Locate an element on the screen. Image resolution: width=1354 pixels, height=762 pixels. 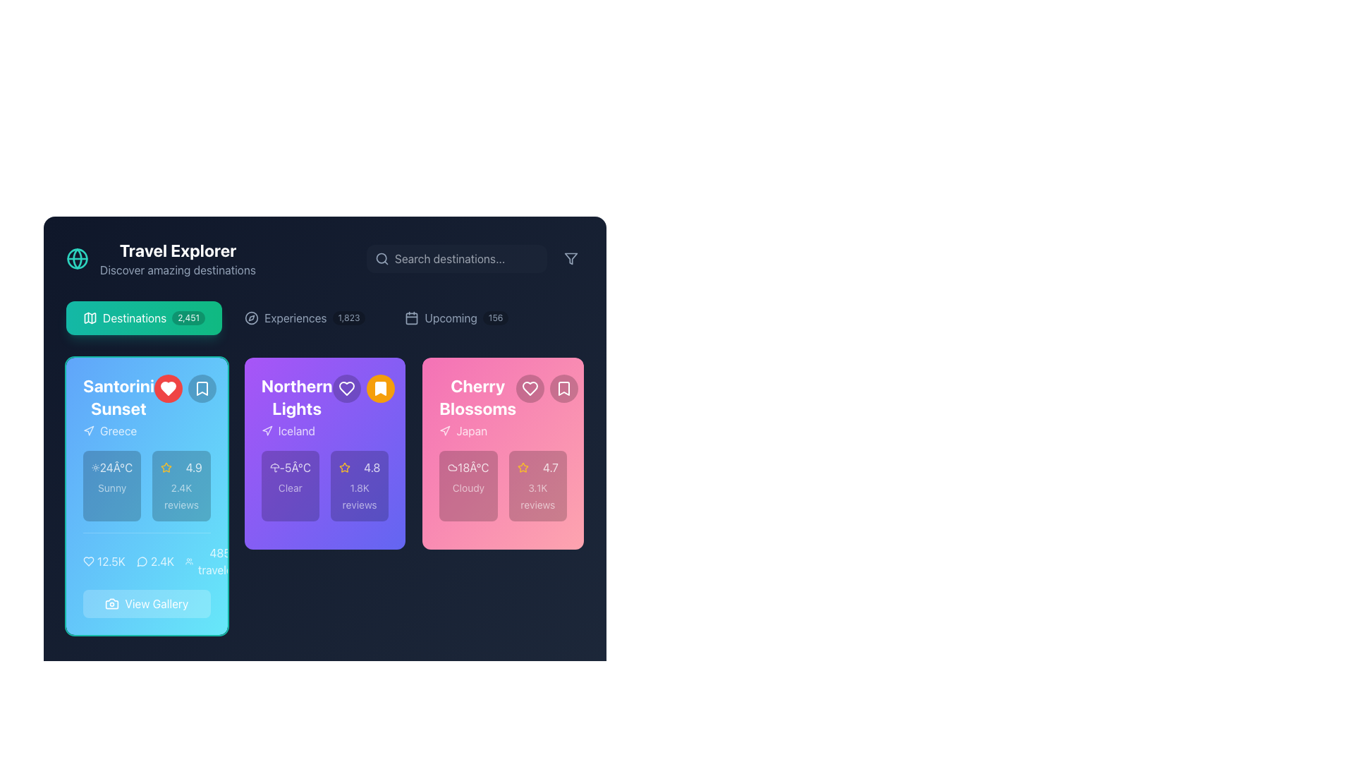
the label displaying temperature and weather information within the purple card labeled 'Northern Lights', located above the text 'Clear' and to the left of the star icon is located at coordinates (289, 468).